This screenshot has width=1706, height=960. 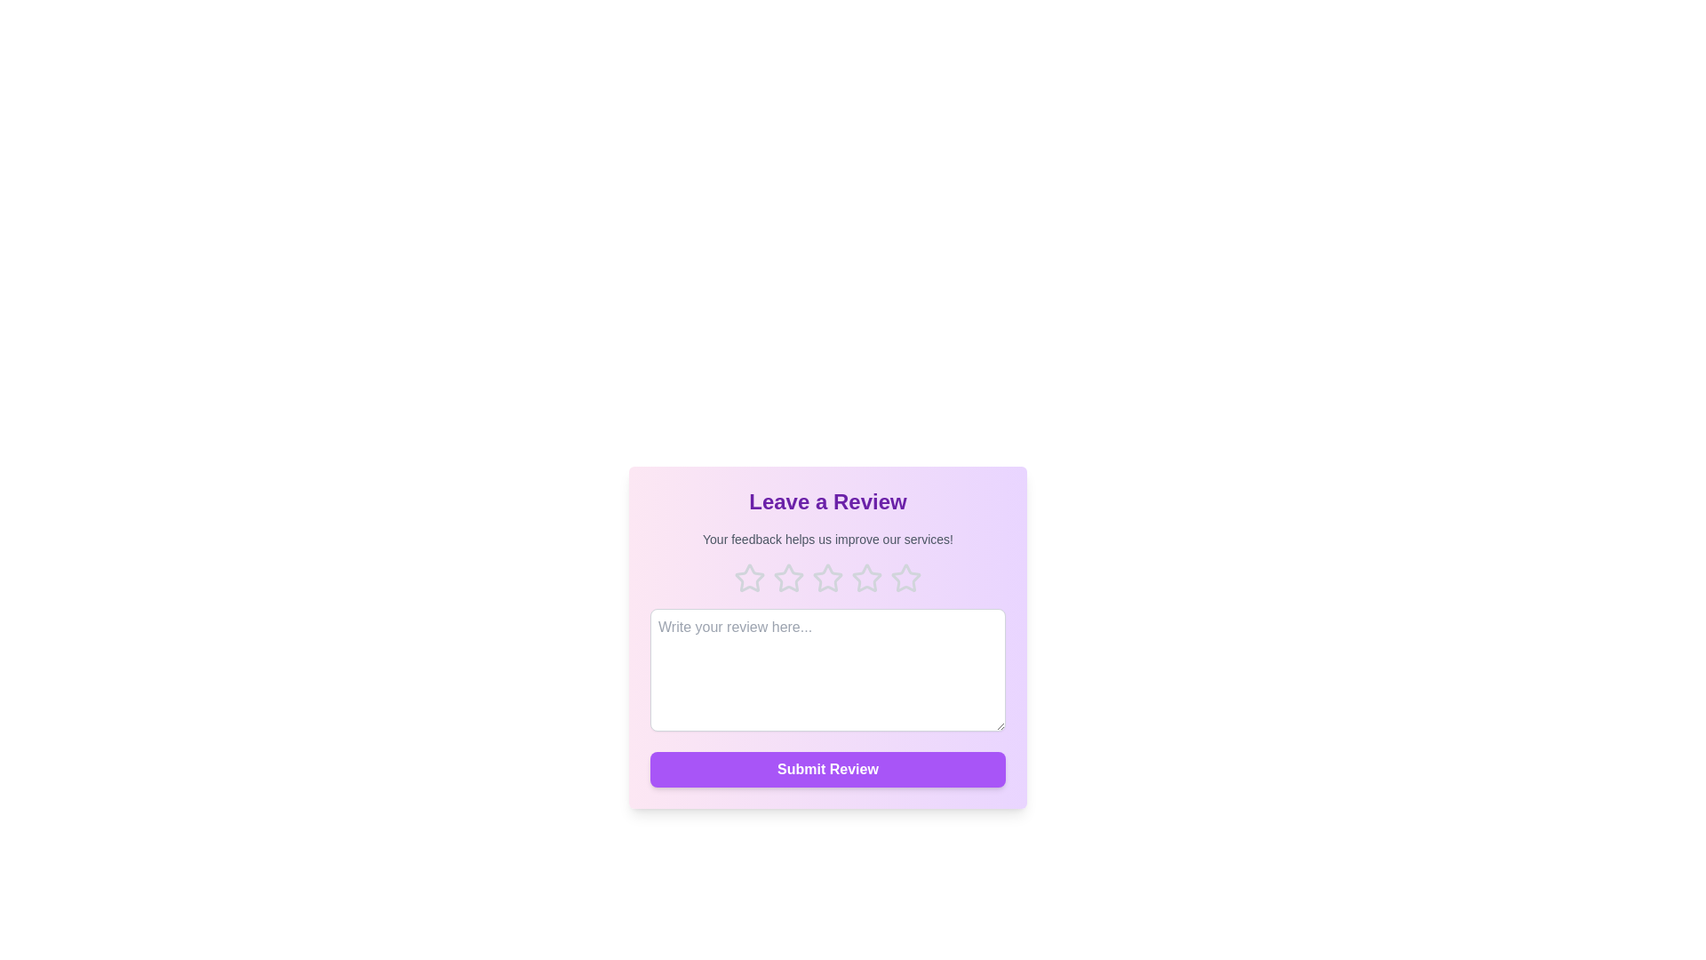 What do you see at coordinates (905, 579) in the screenshot?
I see `the rating to 5 stars by clicking on the corresponding star` at bounding box center [905, 579].